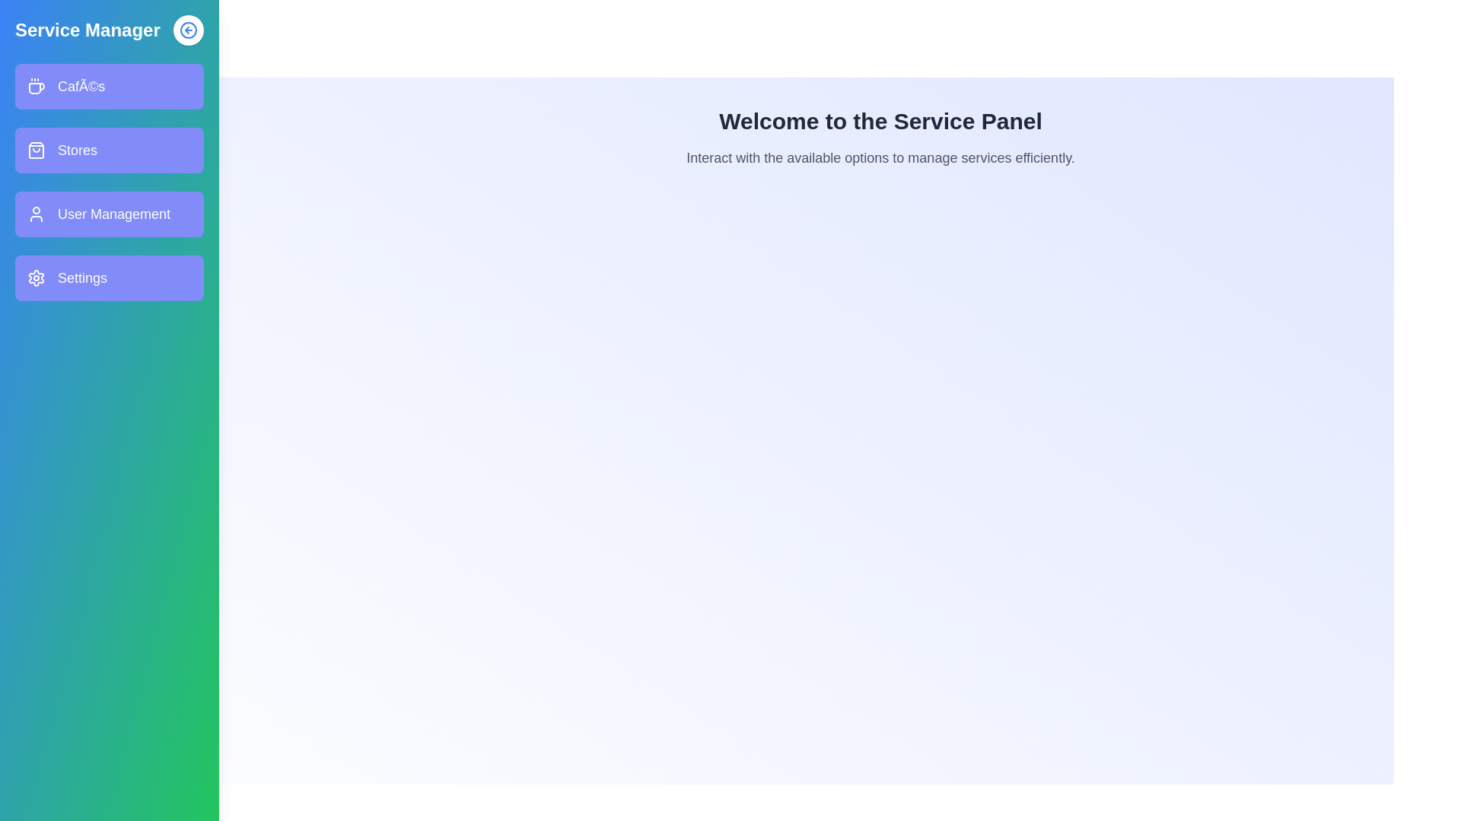 This screenshot has height=821, width=1461. What do you see at coordinates (109, 278) in the screenshot?
I see `the 'Settings' menu item in the DashboardDrawer component` at bounding box center [109, 278].